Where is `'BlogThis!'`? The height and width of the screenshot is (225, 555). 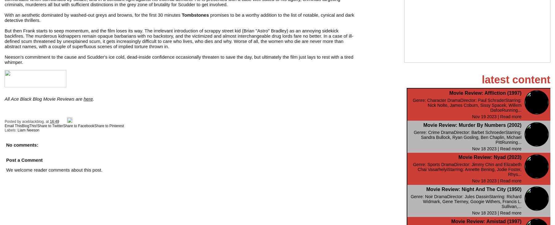 'BlogThis!' is located at coordinates (29, 126).